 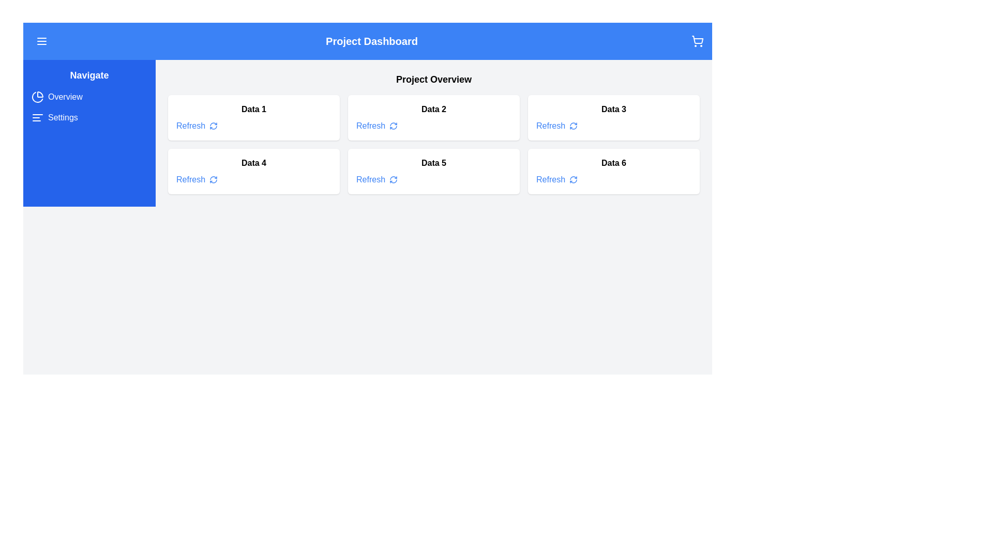 What do you see at coordinates (434, 163) in the screenshot?
I see `the 'Data 5' text label, which is bold and located in the lower-middle card of the dashboard grid` at bounding box center [434, 163].